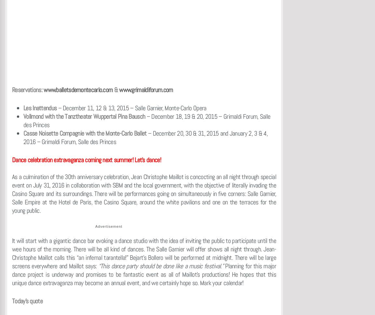  Describe the element at coordinates (144, 274) in the screenshot. I see `'Planning for this major dance project is underway and promises to be fantastic event as all of Maillot’s productions! He hopes that this unique dance extravaganza may become an annual event, and we certainly hope so. Mark your calendar!'` at that location.